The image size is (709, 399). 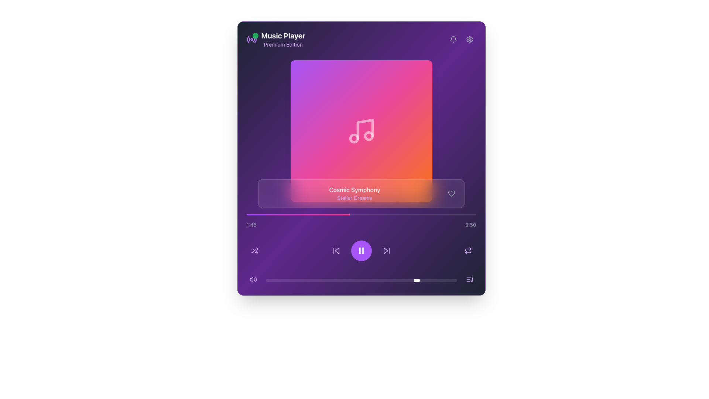 I want to click on the playback position, so click(x=287, y=215).